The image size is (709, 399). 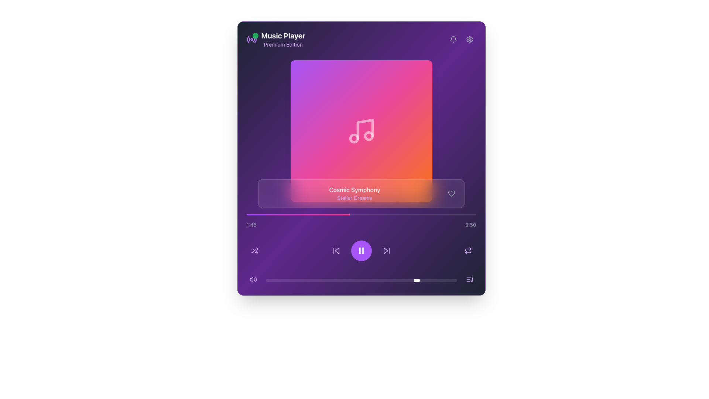 I want to click on the playback position, so click(x=287, y=215).